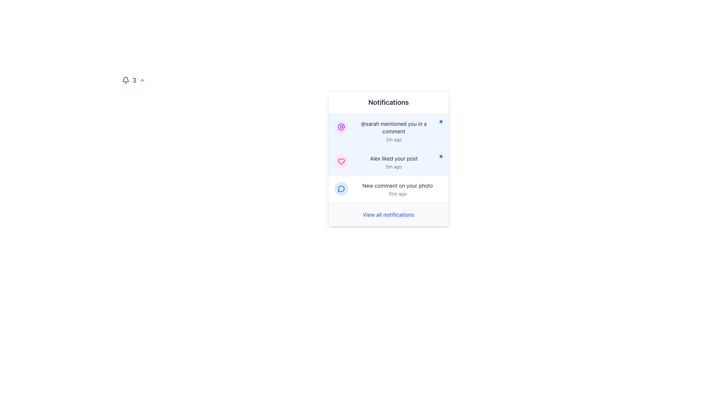  I want to click on the chevron icon located at the rightmost side of the notification toggle component, so click(142, 80).